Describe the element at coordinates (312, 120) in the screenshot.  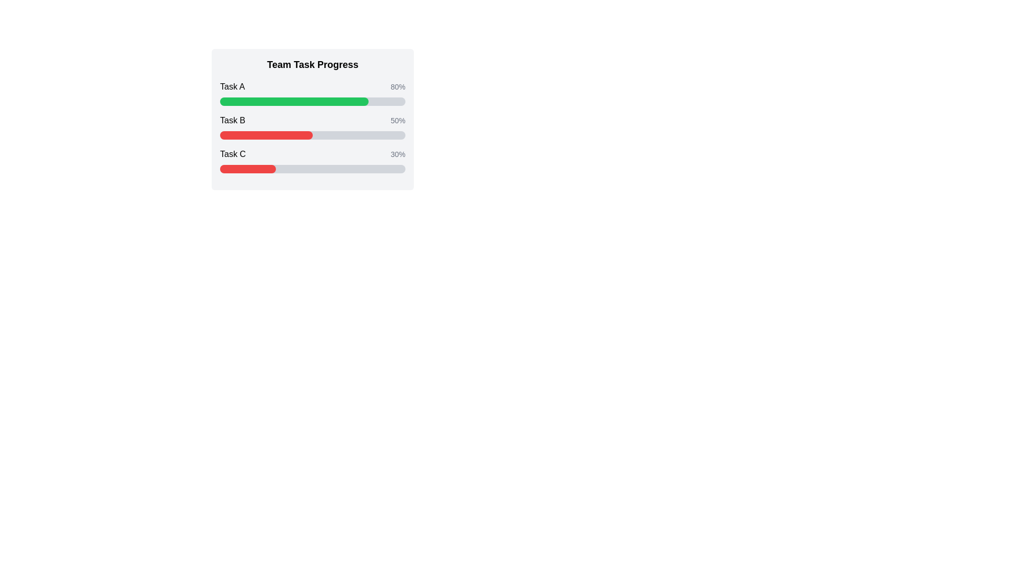
I see `the progress indicator for 'Task B' which shows '50%' completion, located in the 'Team Task Progress' section below 'Task A'` at that location.